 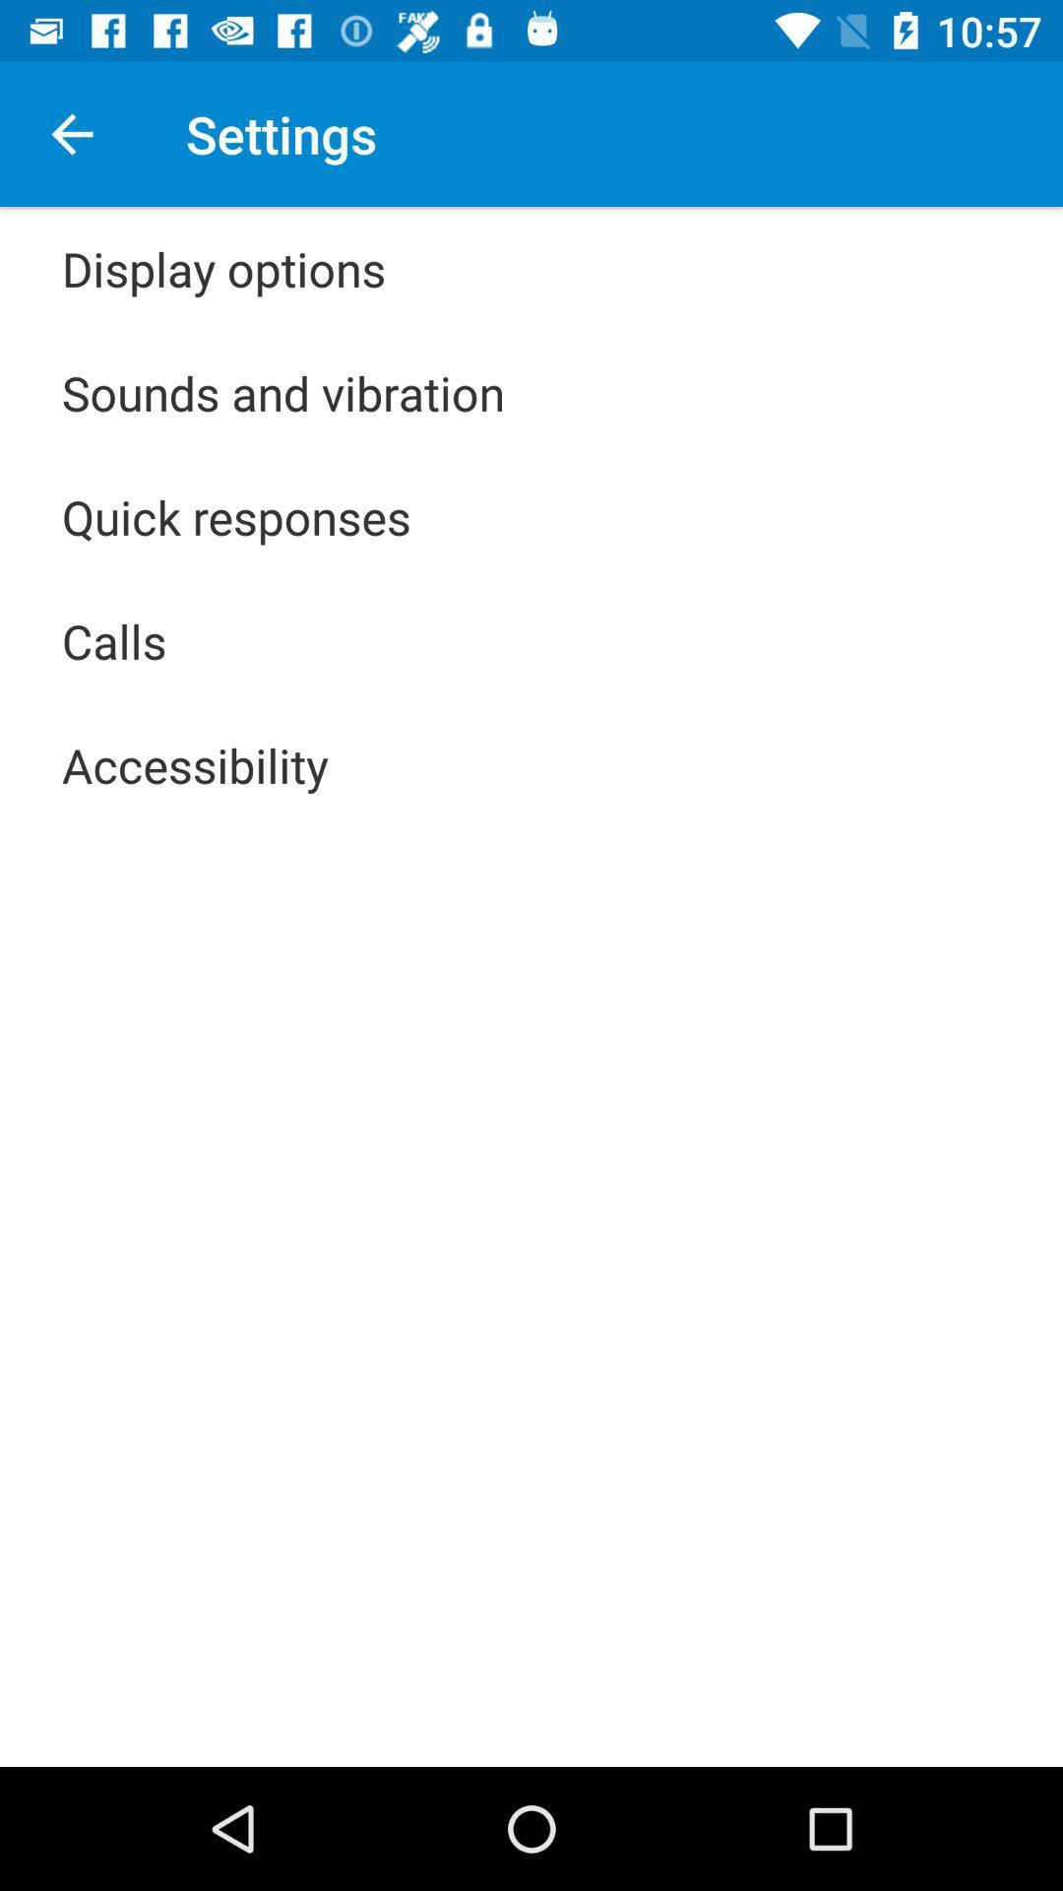 I want to click on the accessibility icon, so click(x=195, y=764).